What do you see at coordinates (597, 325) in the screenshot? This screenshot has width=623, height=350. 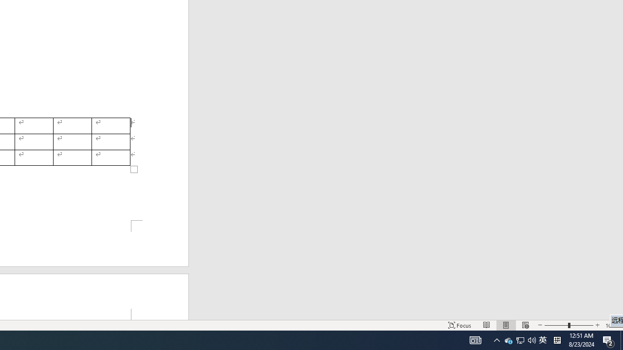 I see `'Zoom In'` at bounding box center [597, 325].